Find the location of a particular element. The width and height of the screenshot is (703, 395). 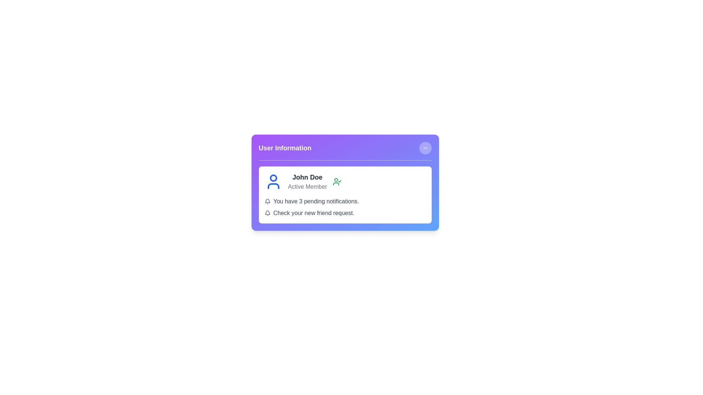

the circular blue decoration at the top of the user icon within the 'User Information' card is located at coordinates (273, 178).